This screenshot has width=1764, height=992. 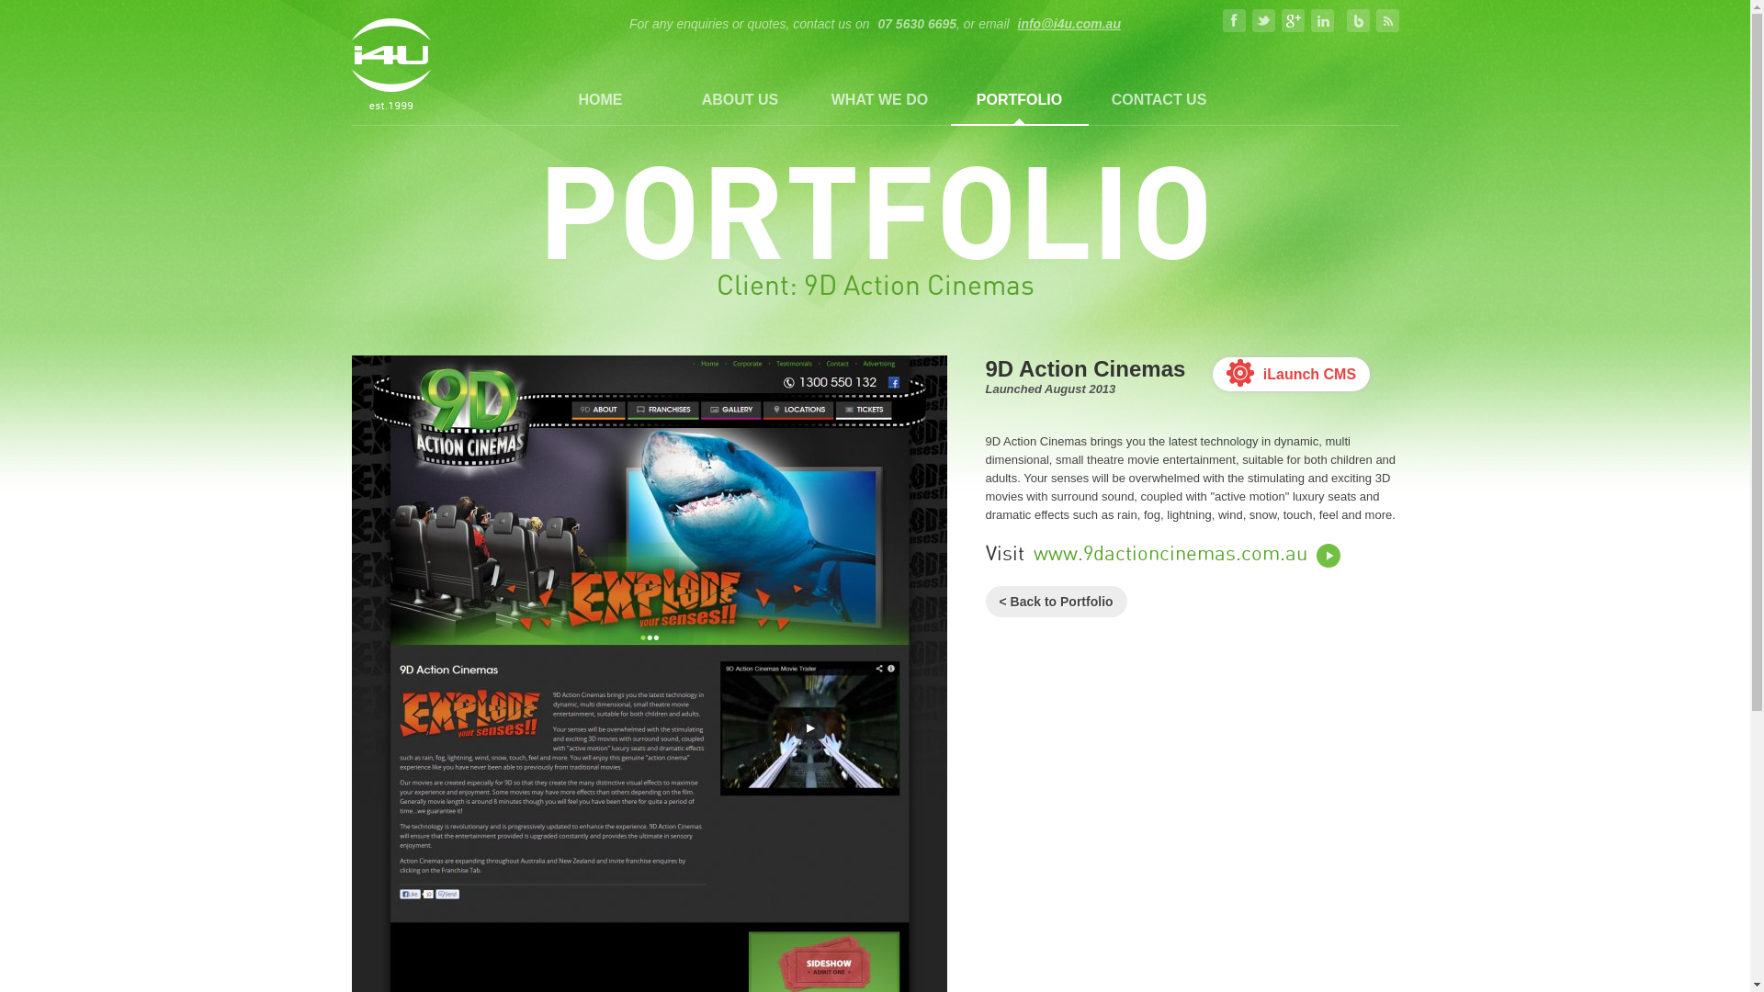 What do you see at coordinates (1281, 20) in the screenshot?
I see `'Find us on Google+'` at bounding box center [1281, 20].